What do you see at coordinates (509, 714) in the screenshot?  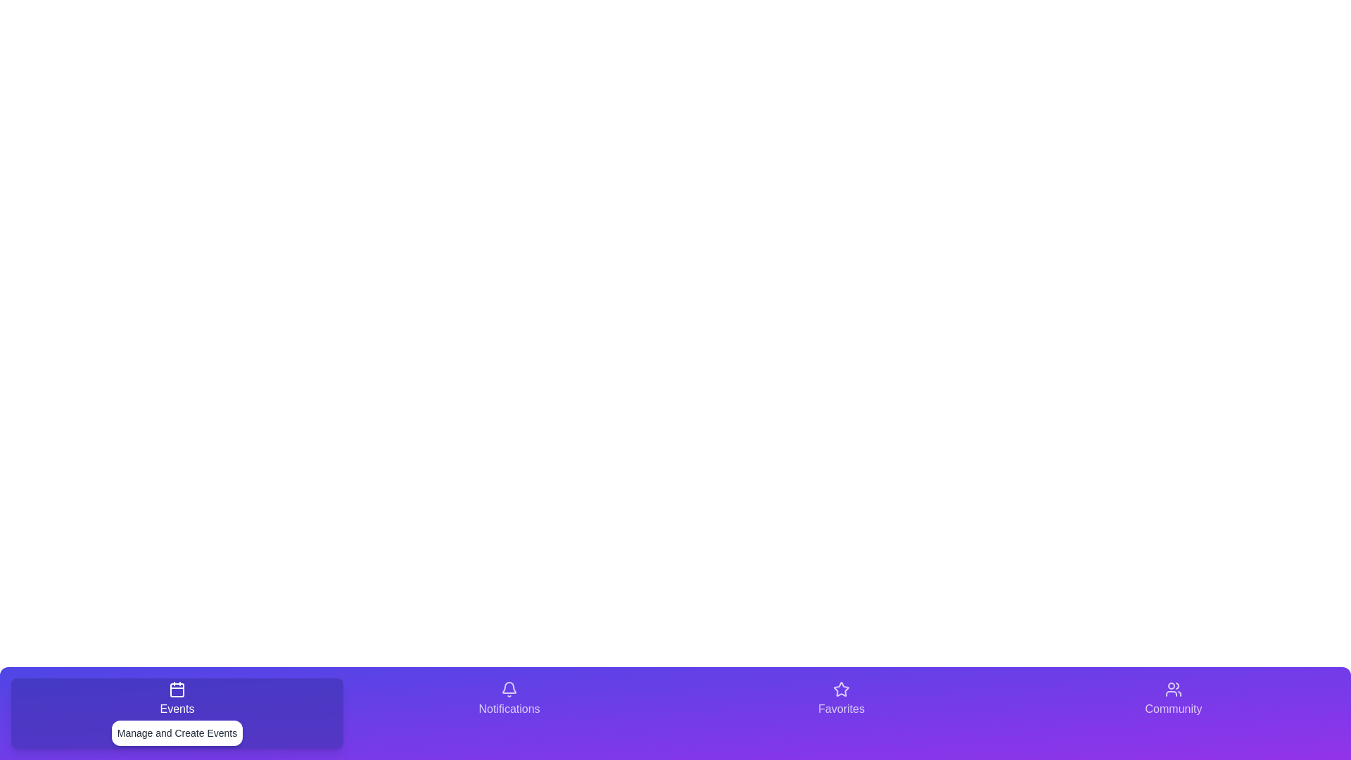 I see `the tab labeled Notifications to observe its hover effect` at bounding box center [509, 714].